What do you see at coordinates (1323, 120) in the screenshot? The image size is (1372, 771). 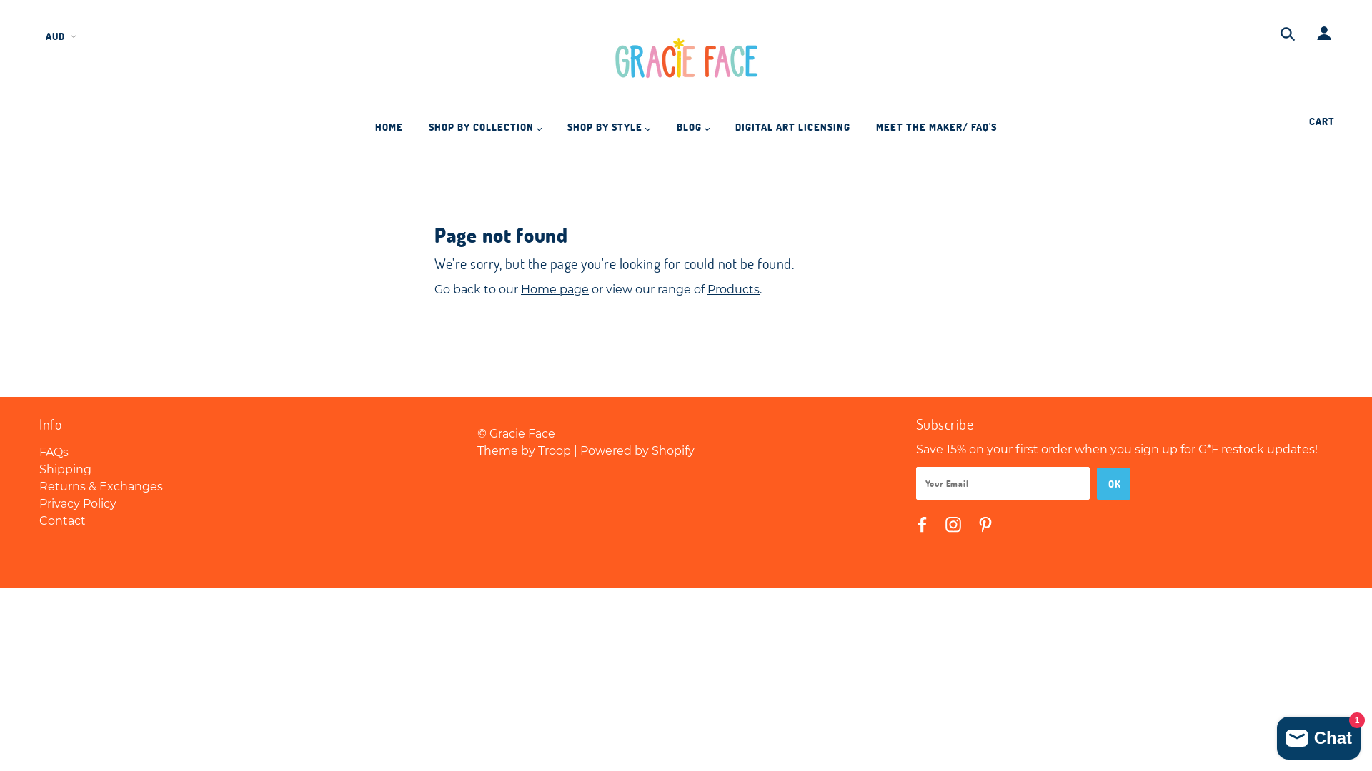 I see `'CART'` at bounding box center [1323, 120].